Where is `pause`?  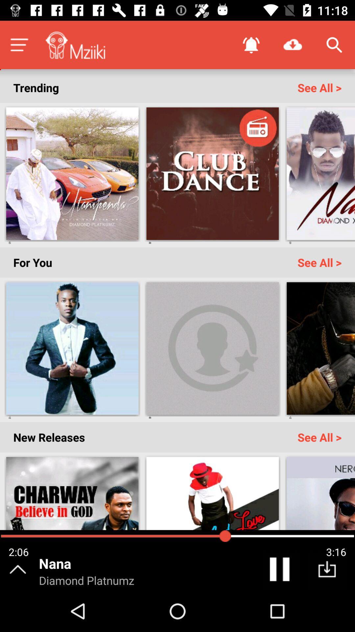 pause is located at coordinates (281, 570).